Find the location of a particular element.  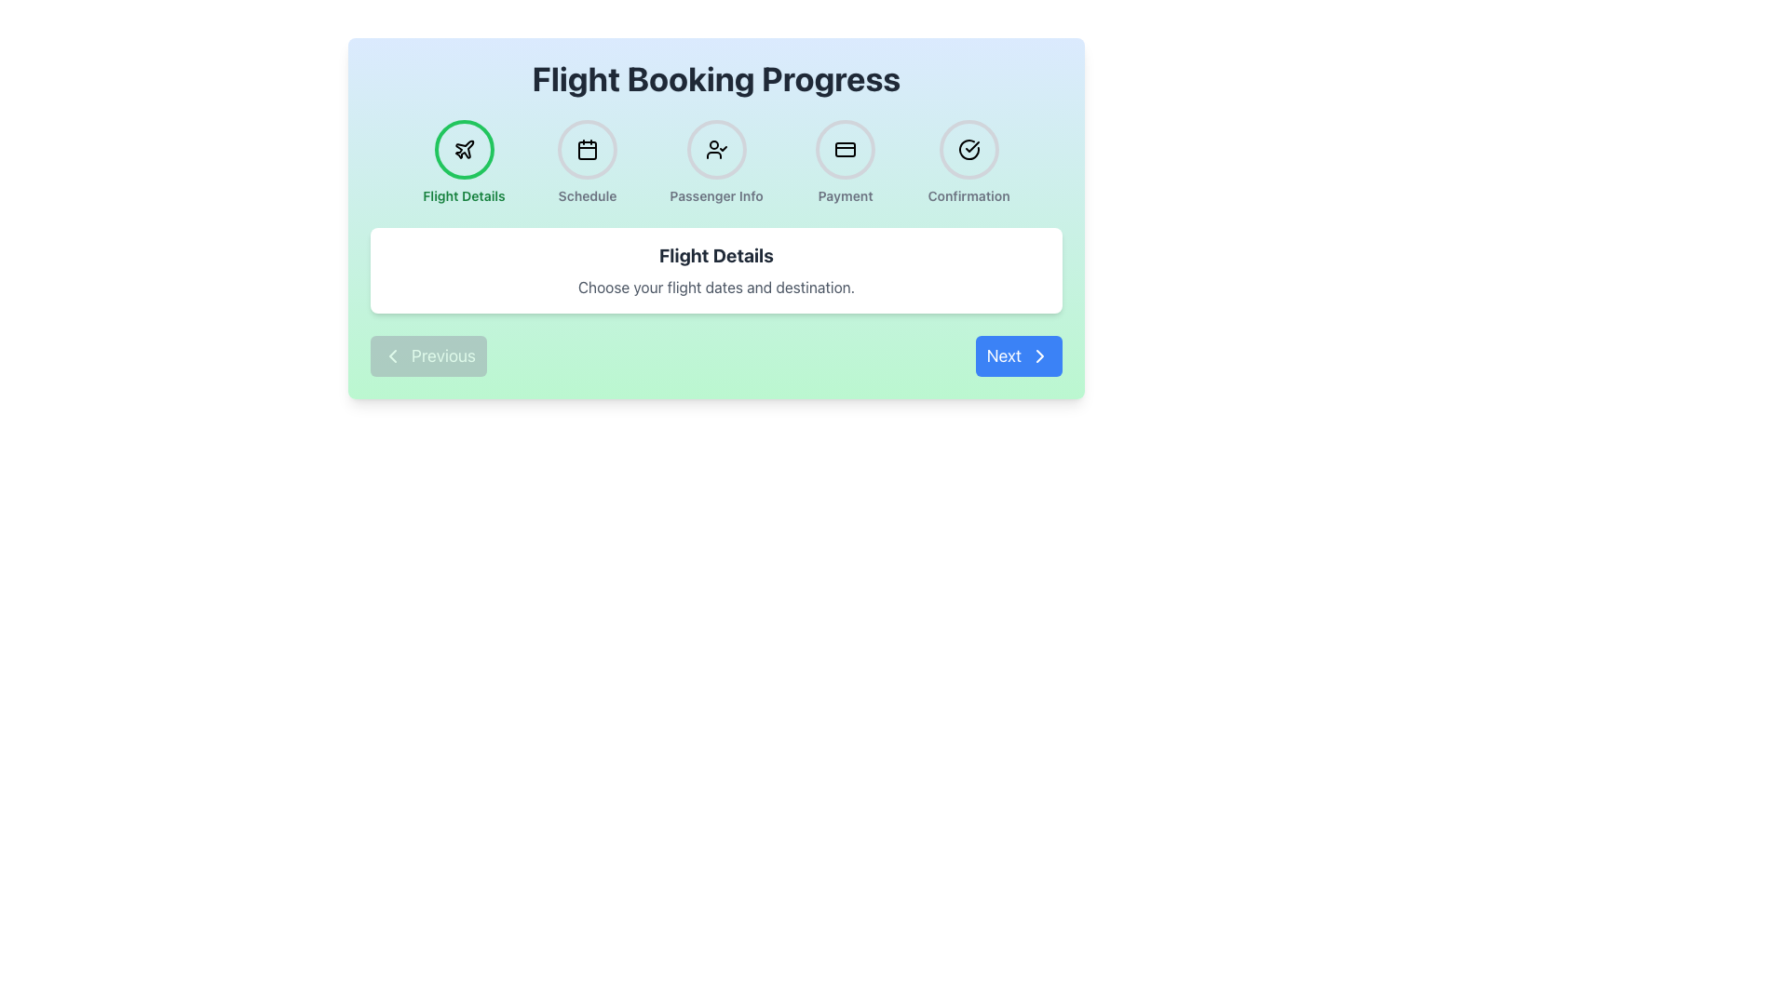

the arrow icon located at the far right end of the 'Next' button in the light green panel is located at coordinates (1039, 355).